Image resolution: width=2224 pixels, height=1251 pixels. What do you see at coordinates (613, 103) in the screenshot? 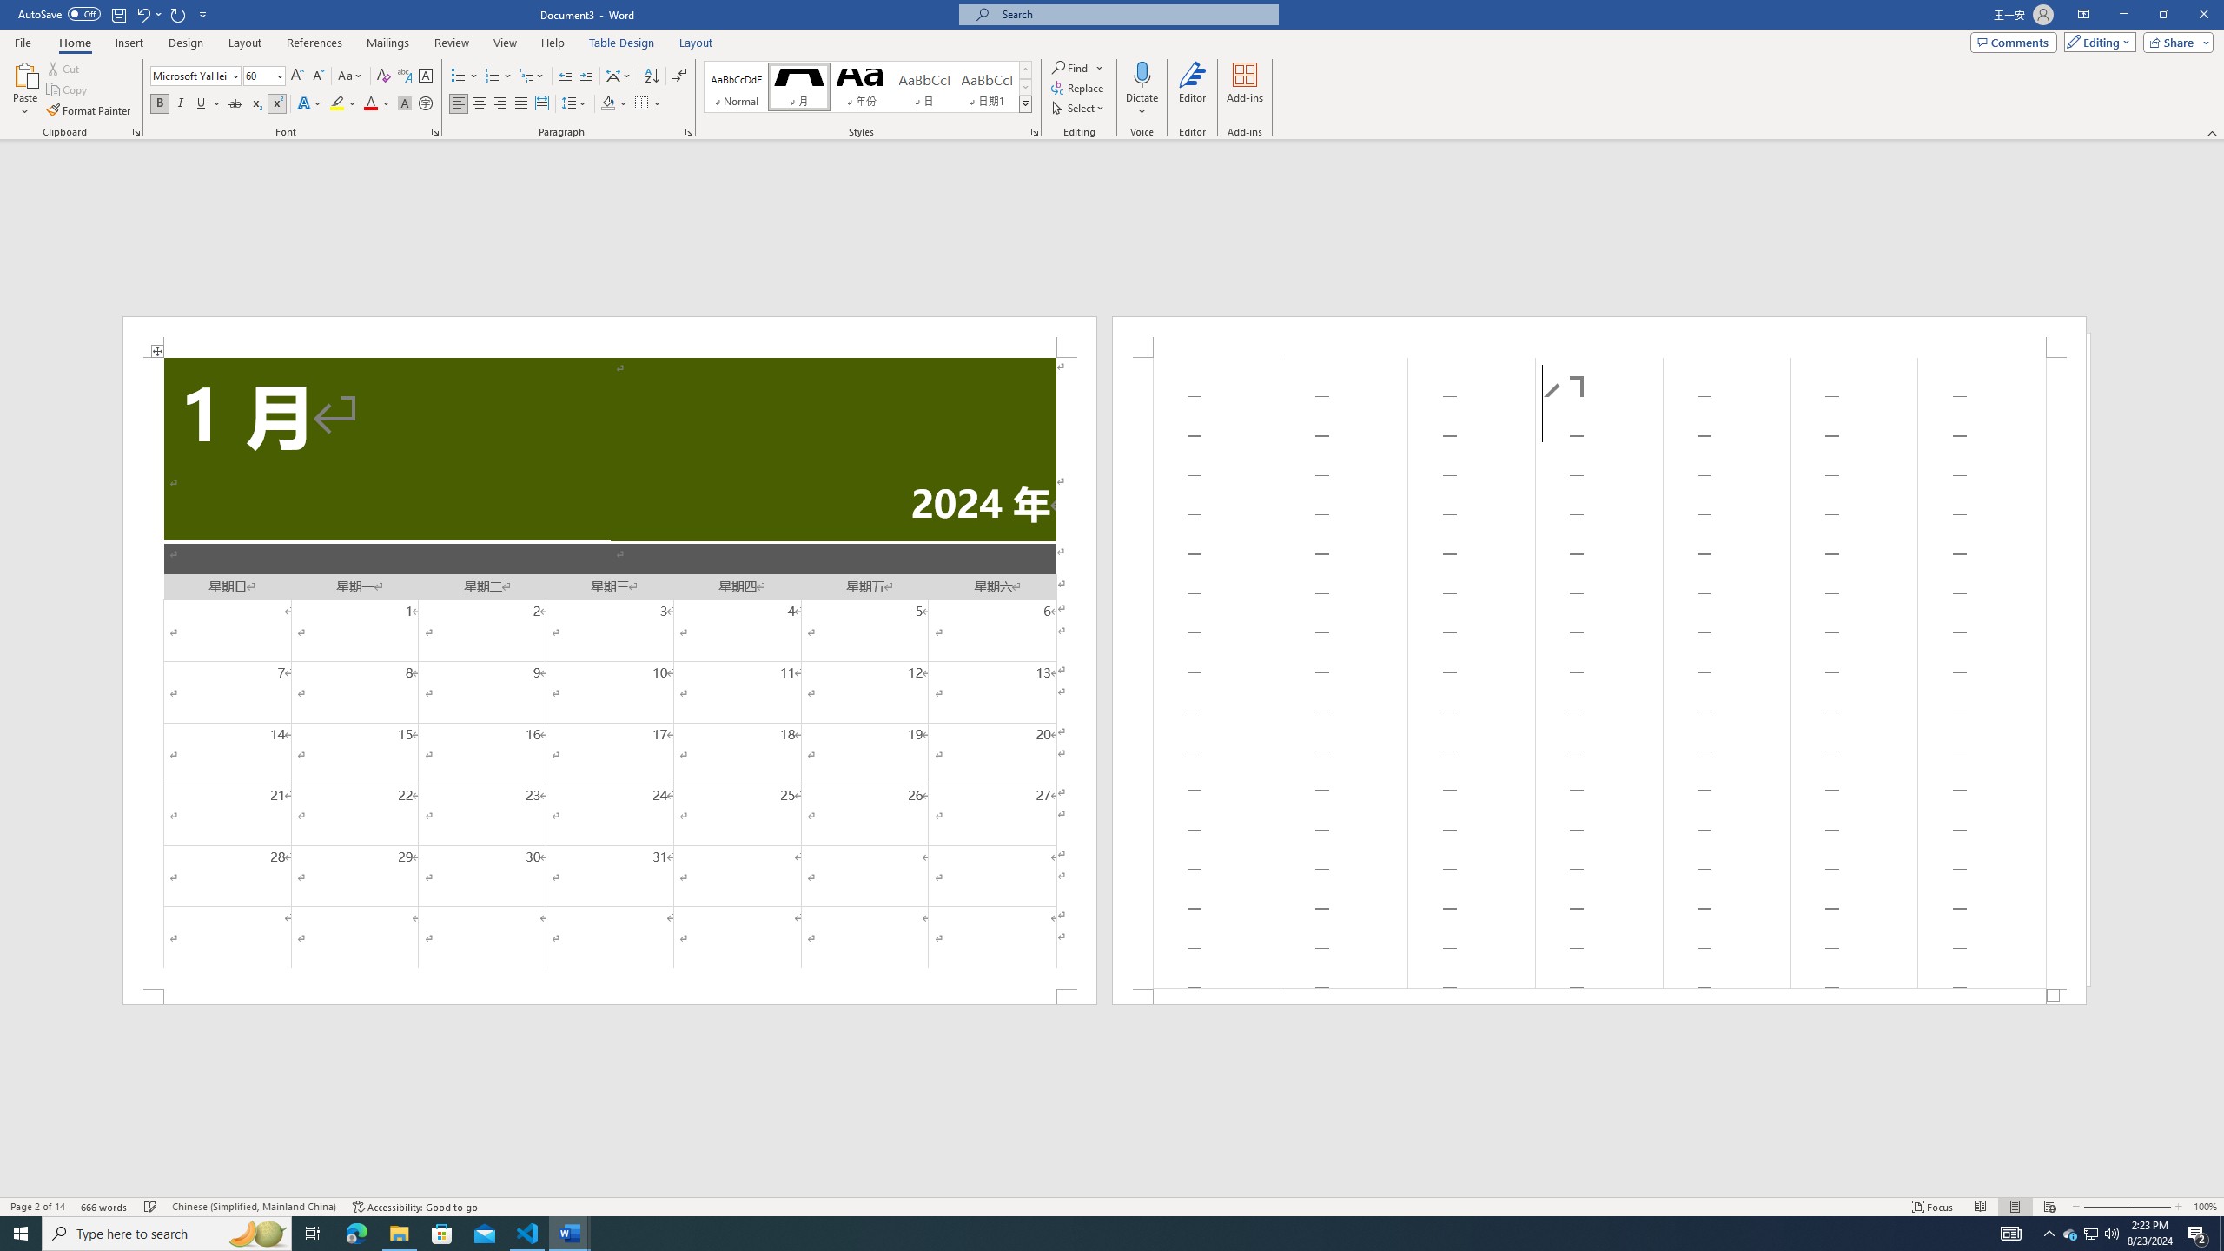
I see `'Shading'` at bounding box center [613, 103].